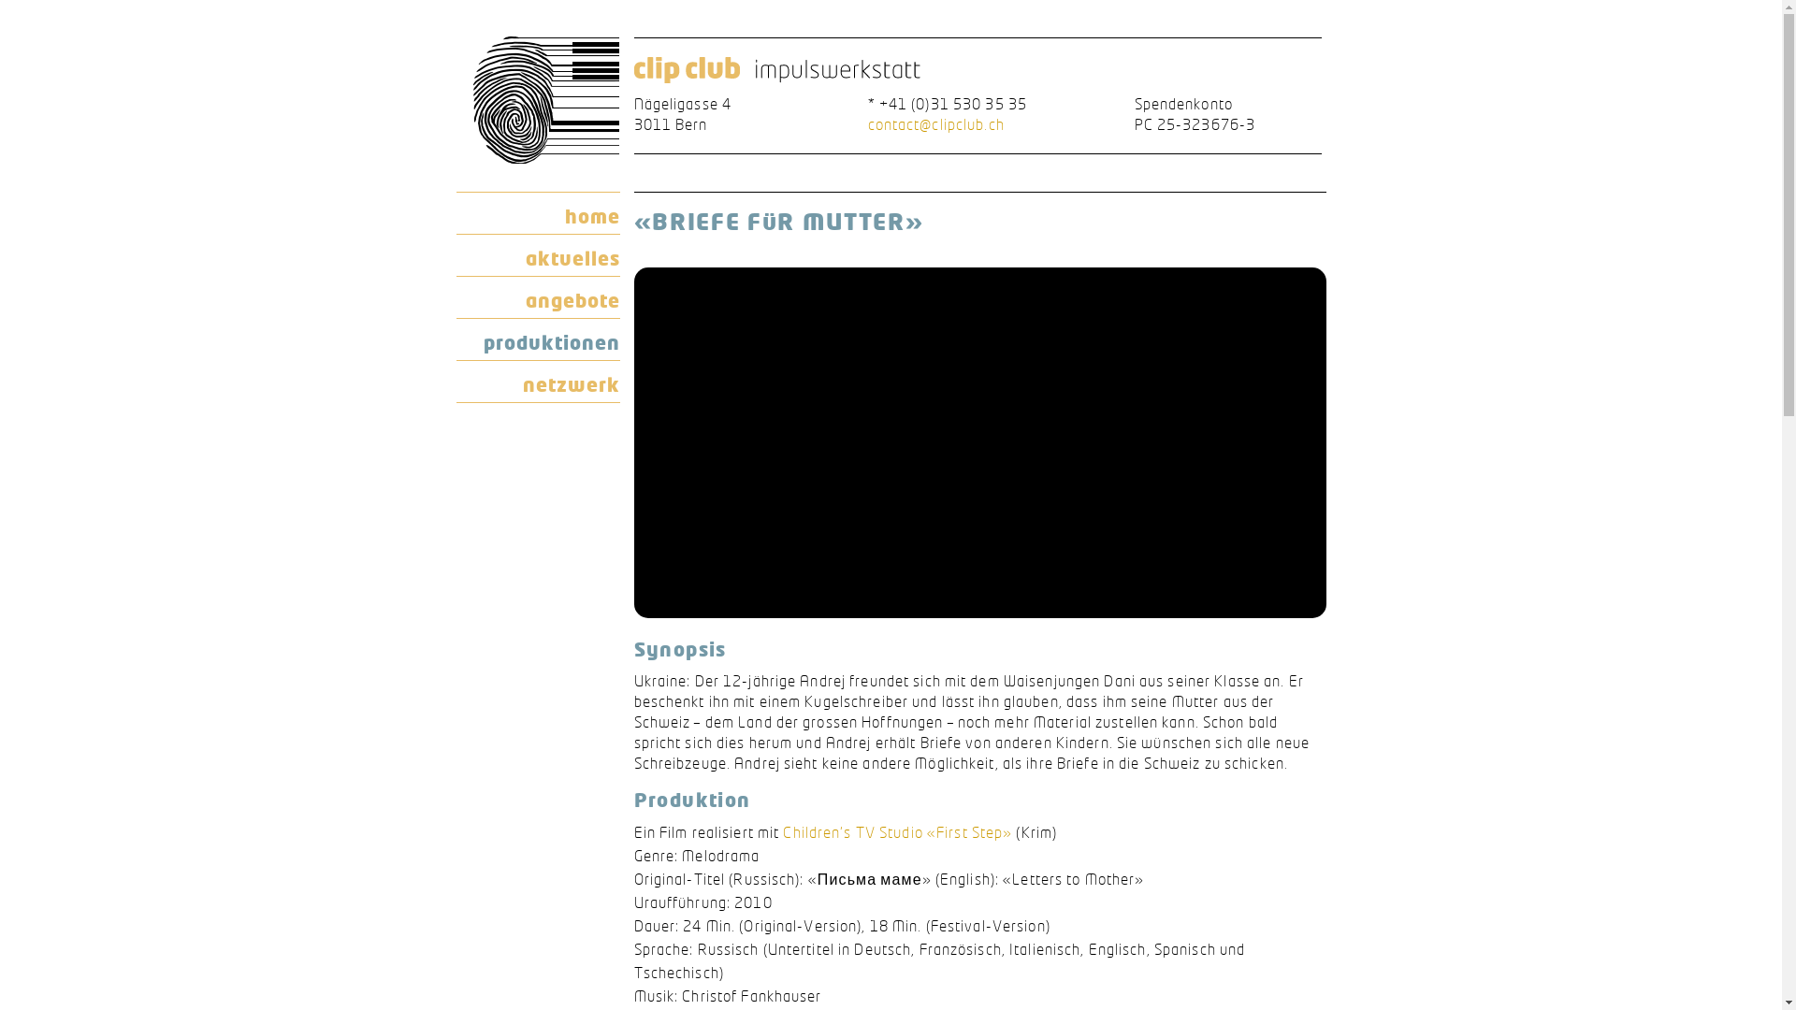  What do you see at coordinates (936, 123) in the screenshot?
I see `'contact@clipclub.ch'` at bounding box center [936, 123].